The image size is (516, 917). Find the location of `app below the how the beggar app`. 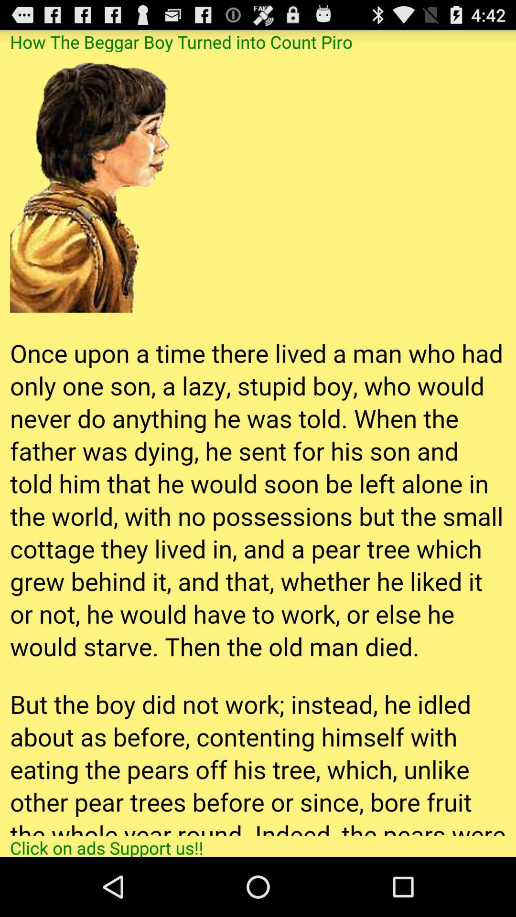

app below the how the beggar app is located at coordinates (258, 443).